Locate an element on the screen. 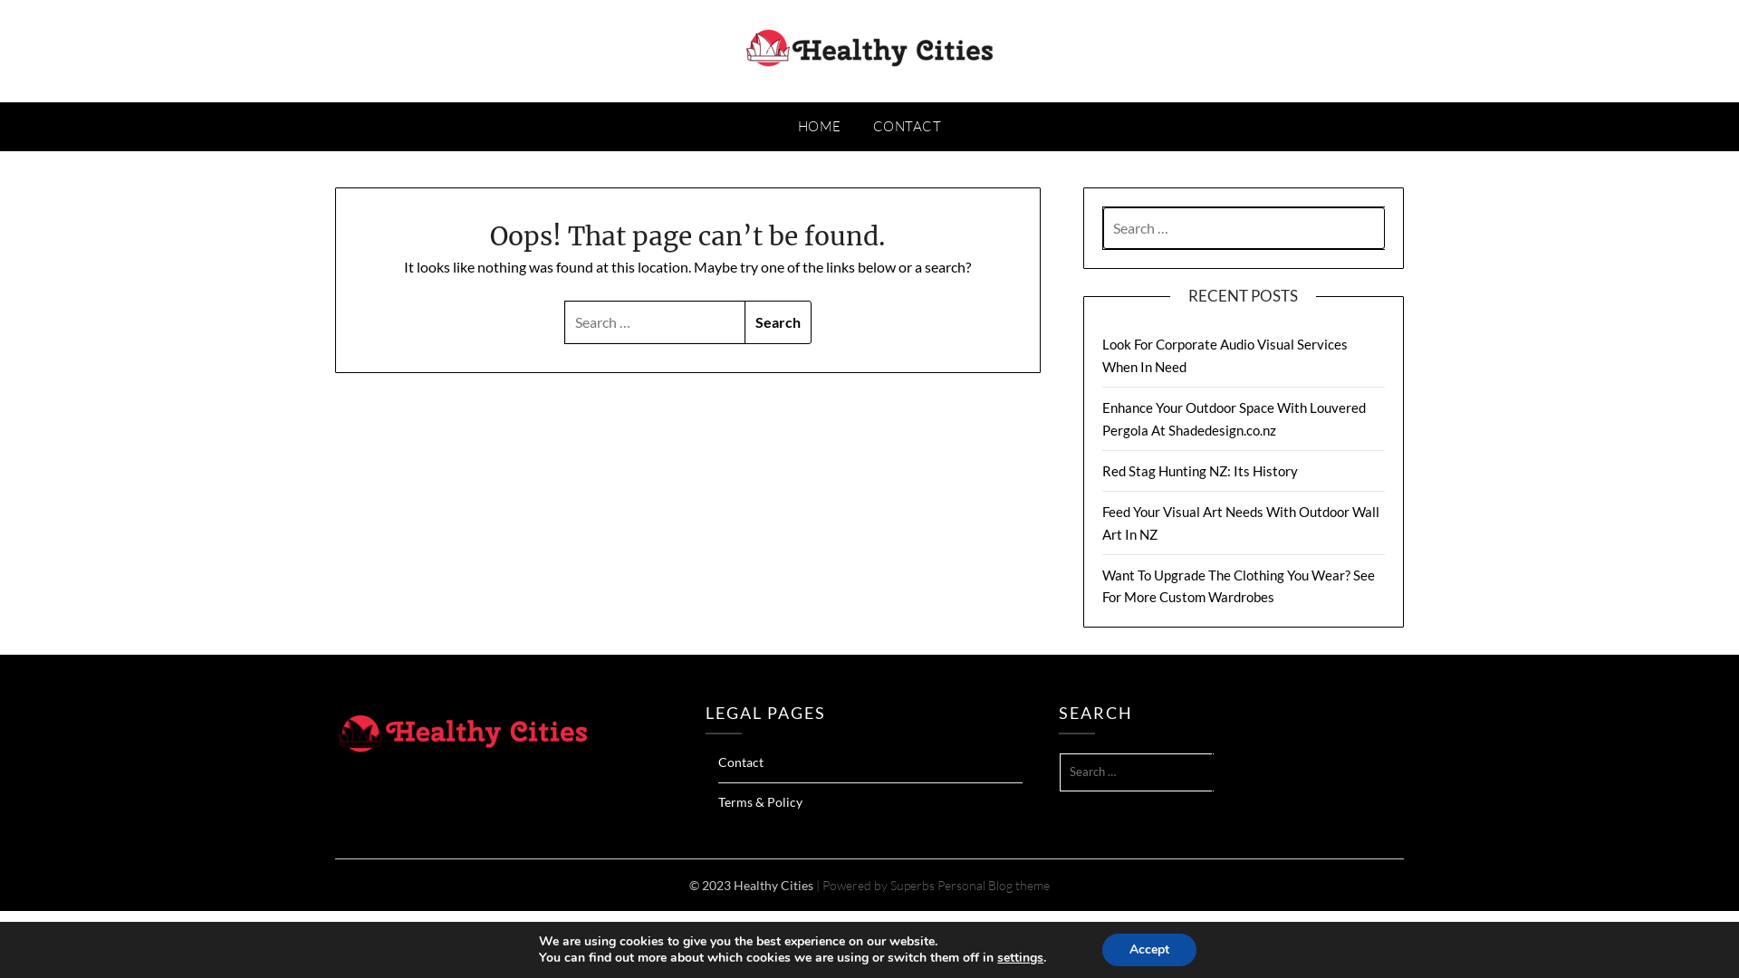  'HOME' is located at coordinates (819, 125).